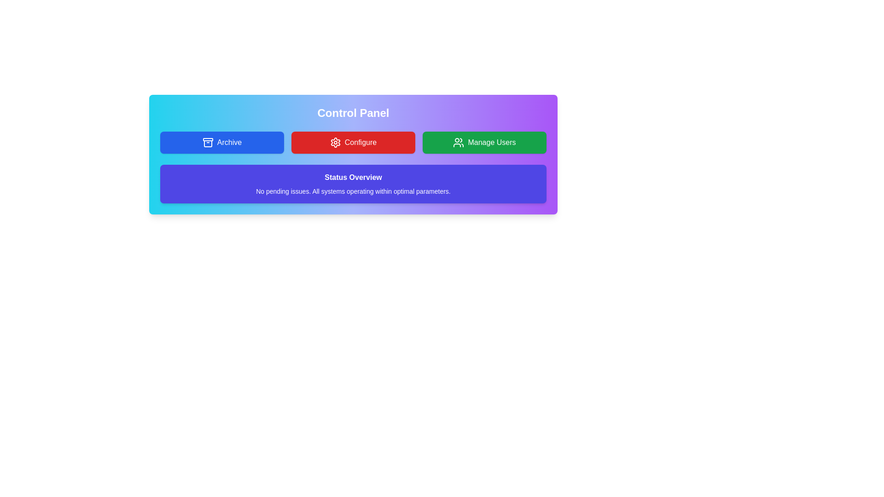 Image resolution: width=884 pixels, height=497 pixels. Describe the element at coordinates (335, 142) in the screenshot. I see `the settings icon located in the second button from the left in the Control Panel interface` at that location.